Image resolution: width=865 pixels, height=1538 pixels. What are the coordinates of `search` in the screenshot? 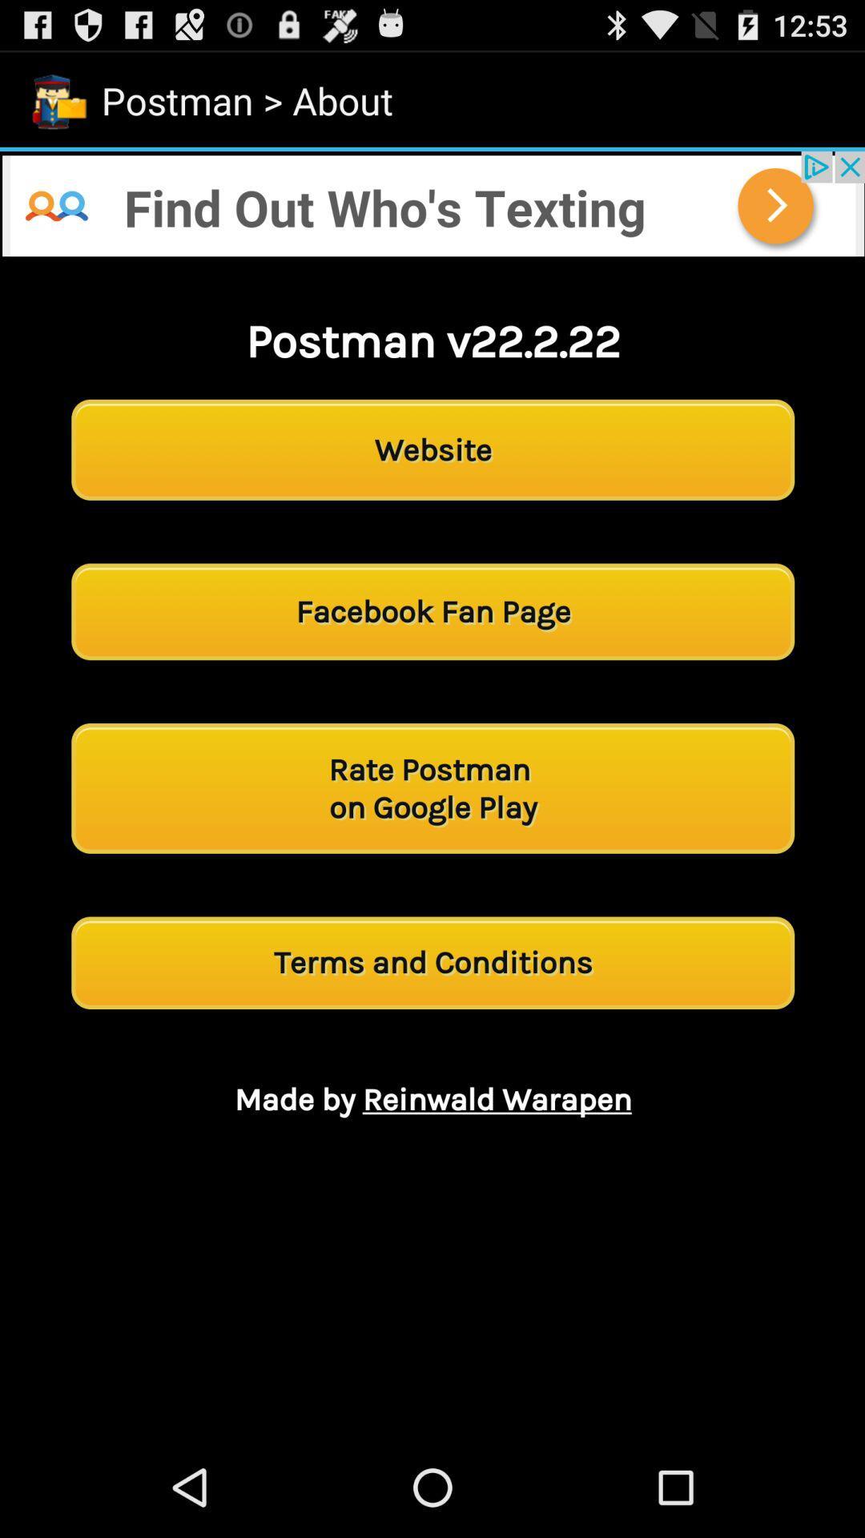 It's located at (432, 203).